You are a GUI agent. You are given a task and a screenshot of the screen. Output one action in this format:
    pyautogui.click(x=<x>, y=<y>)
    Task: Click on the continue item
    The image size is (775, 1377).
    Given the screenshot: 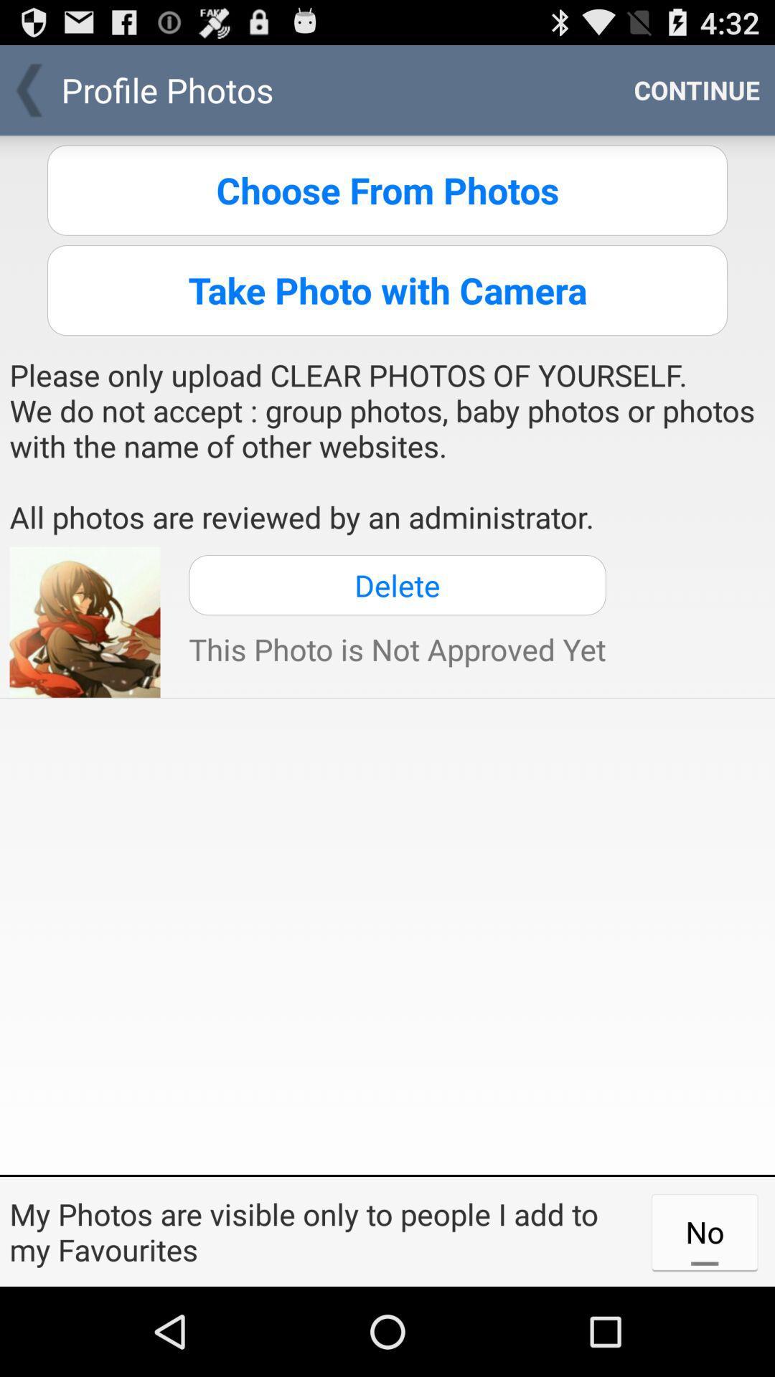 What is the action you would take?
    pyautogui.click(x=696, y=89)
    